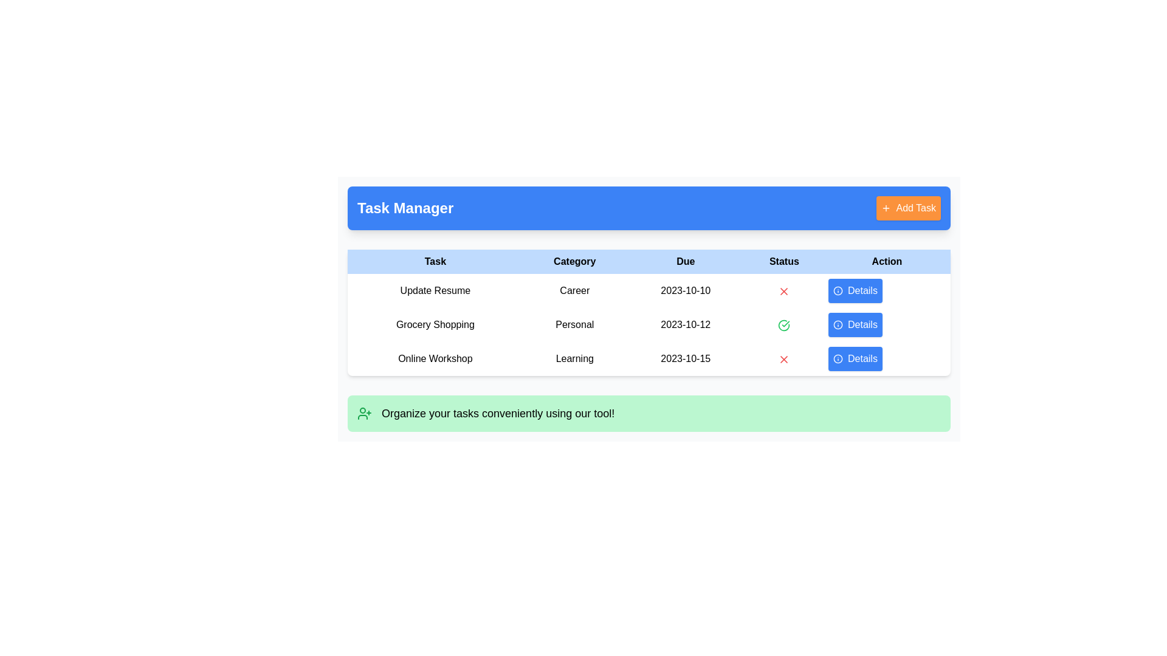 The width and height of the screenshot is (1167, 656). What do you see at coordinates (435, 290) in the screenshot?
I see `text from the label that describes the task item, located at the top of the 'Task' column in the table layout` at bounding box center [435, 290].